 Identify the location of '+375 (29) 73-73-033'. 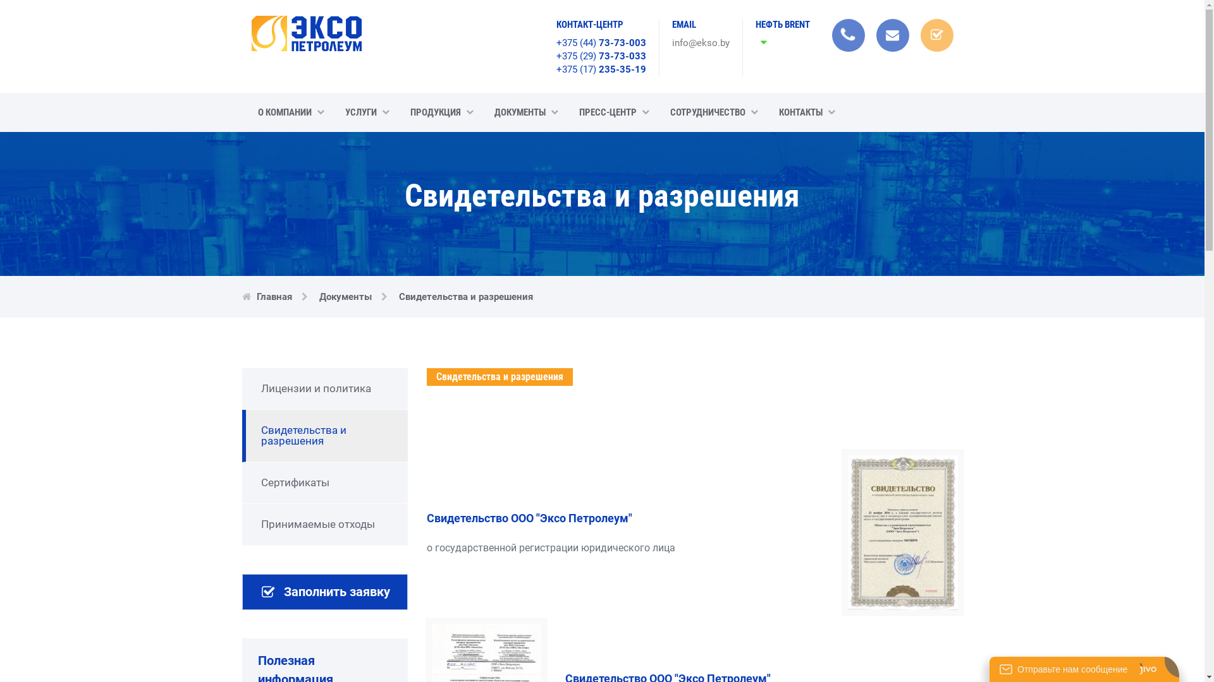
(556, 55).